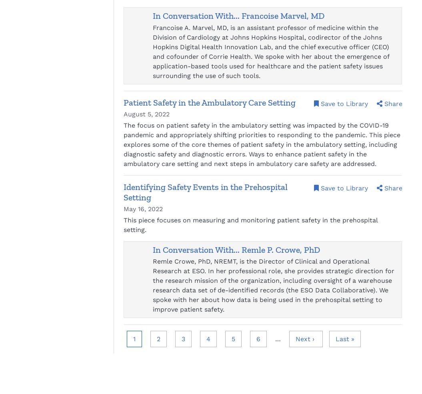  What do you see at coordinates (158, 338) in the screenshot?
I see `'2'` at bounding box center [158, 338].